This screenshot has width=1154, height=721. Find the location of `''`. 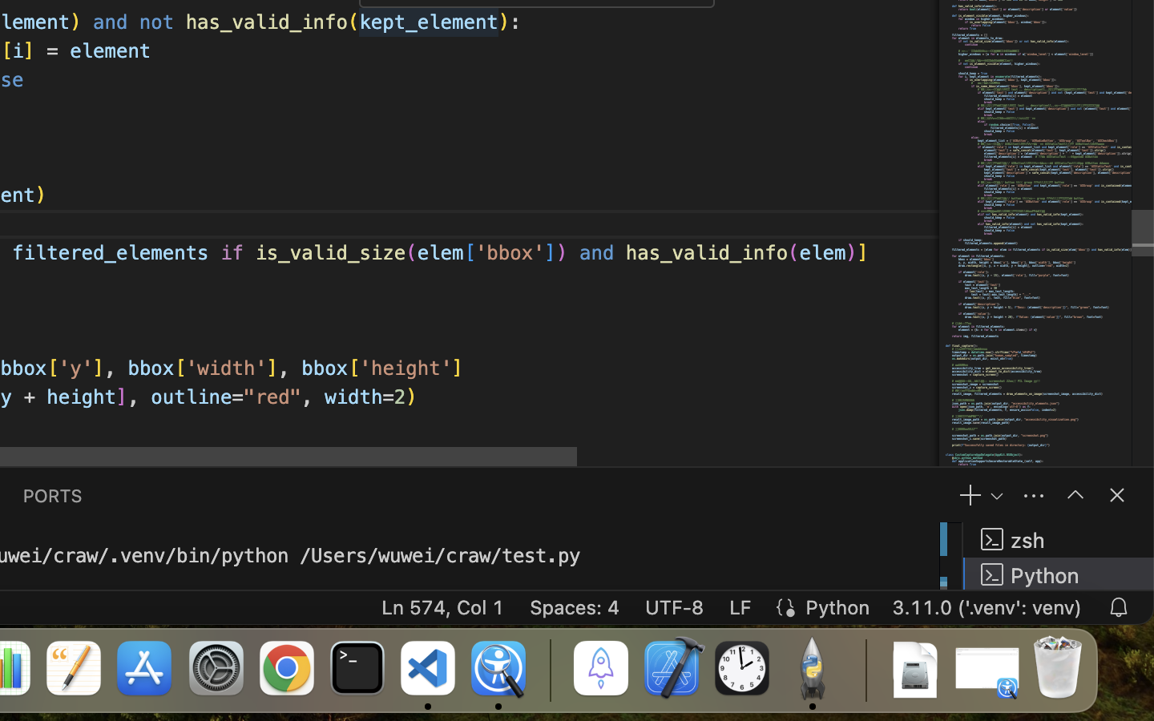

'' is located at coordinates (1074, 495).